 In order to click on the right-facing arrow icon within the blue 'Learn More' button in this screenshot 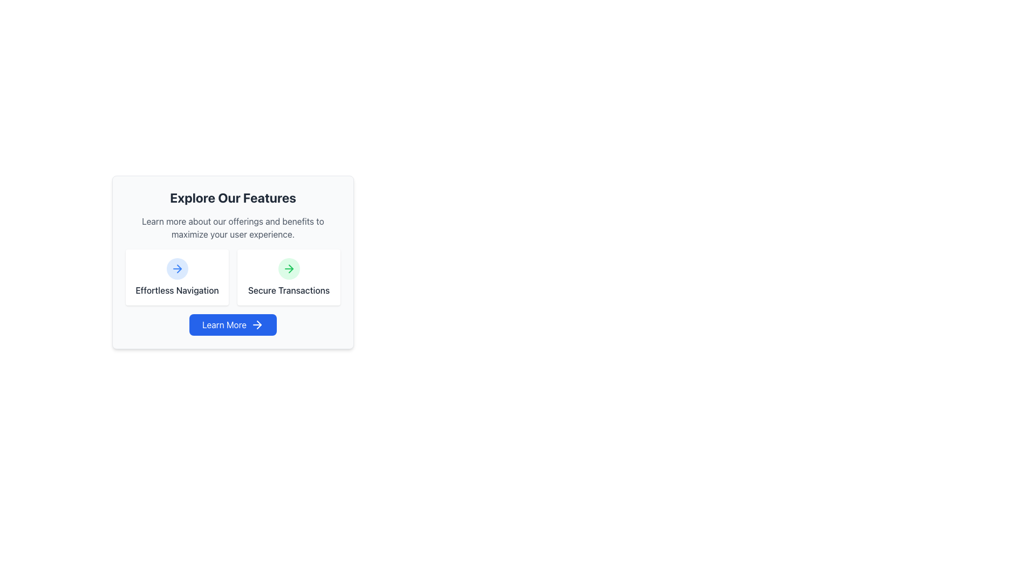, I will do `click(257, 324)`.